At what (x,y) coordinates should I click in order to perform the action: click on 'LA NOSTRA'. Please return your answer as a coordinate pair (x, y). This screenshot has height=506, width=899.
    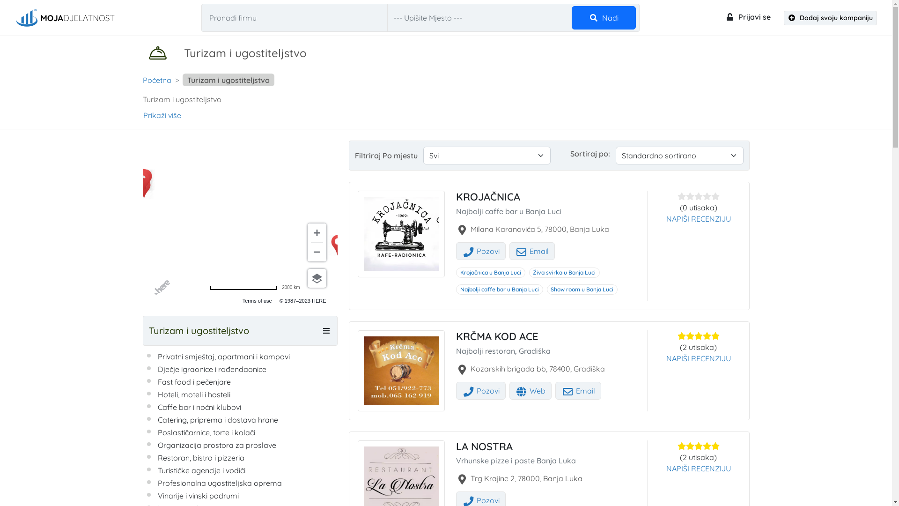
    Looking at the image, I should click on (484, 446).